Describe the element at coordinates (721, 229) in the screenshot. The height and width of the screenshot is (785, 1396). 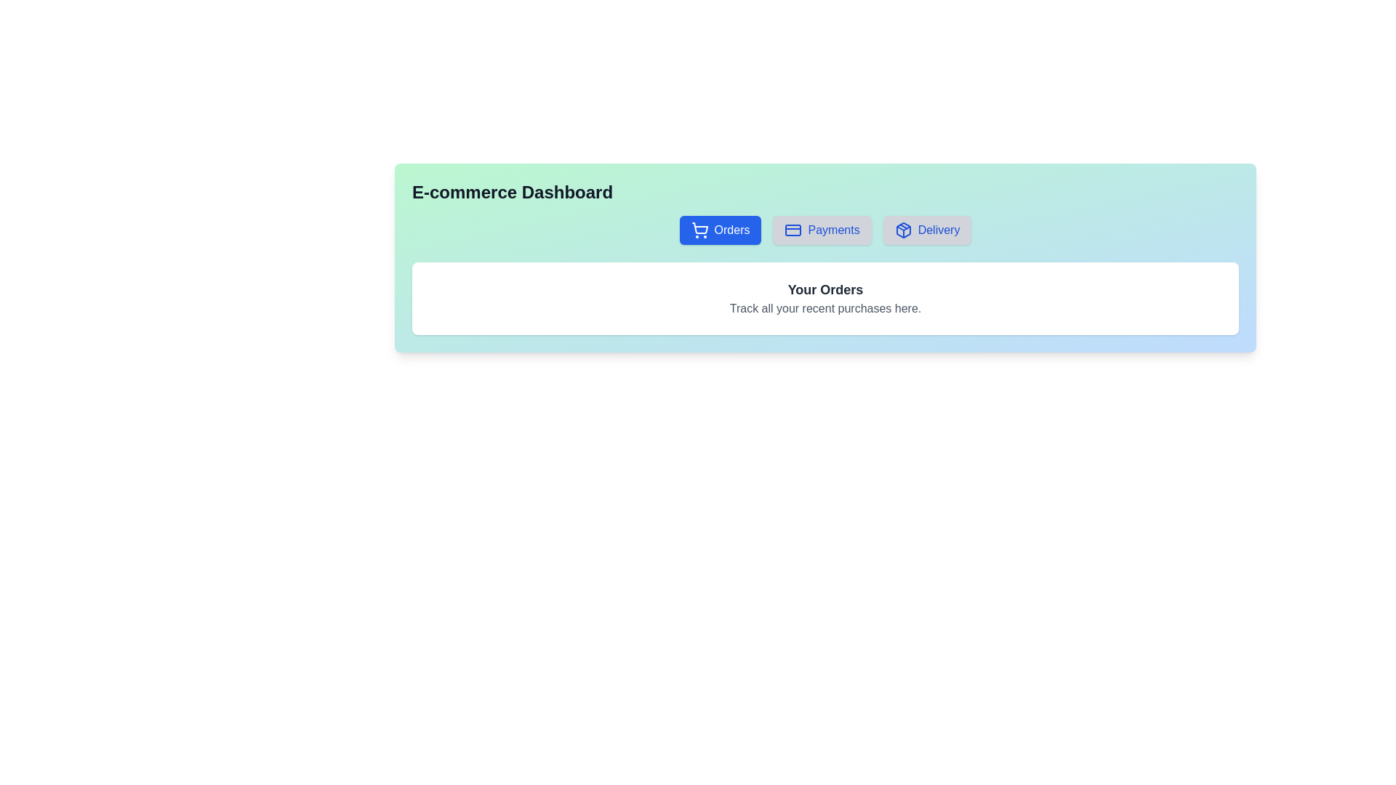
I see `the 'Orders' button, which is a blue rectangular button with rounded corners and white text, located below the 'E-commerce Dashboard' heading` at that location.